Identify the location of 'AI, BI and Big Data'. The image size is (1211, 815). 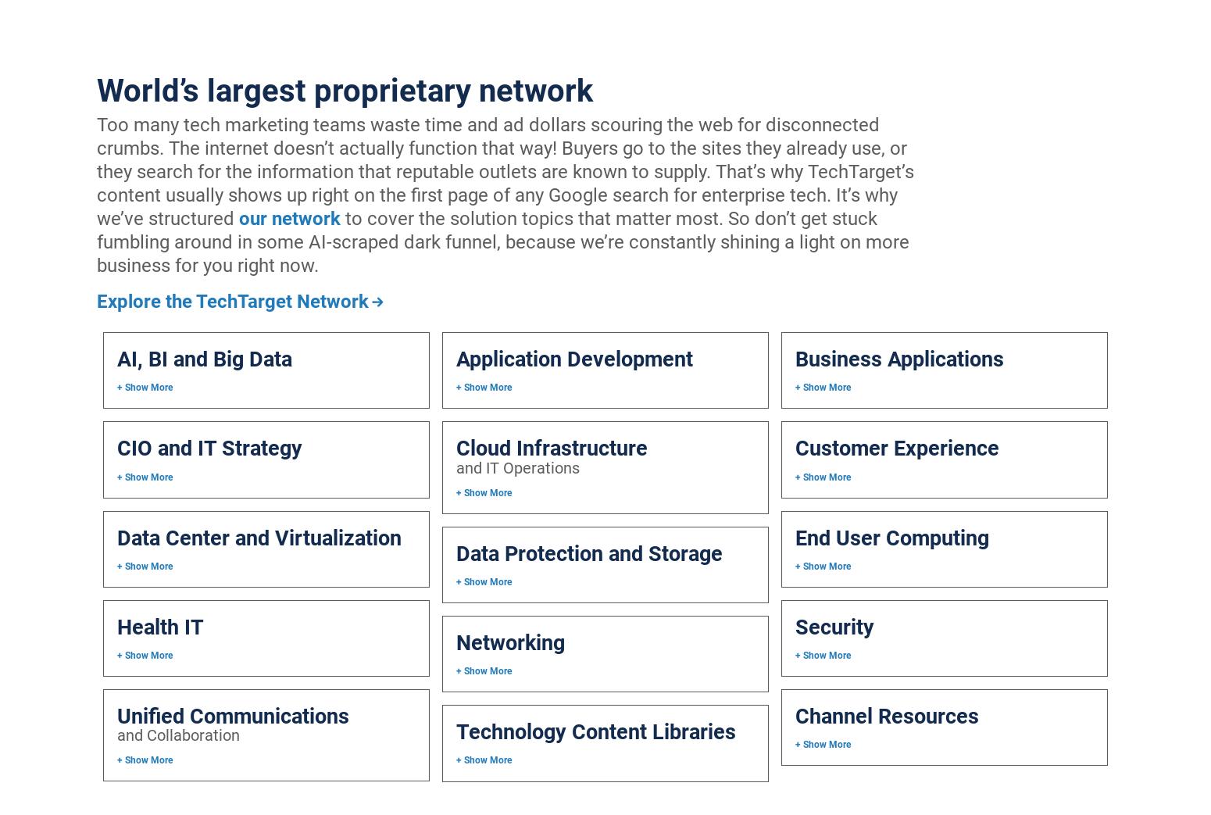
(204, 358).